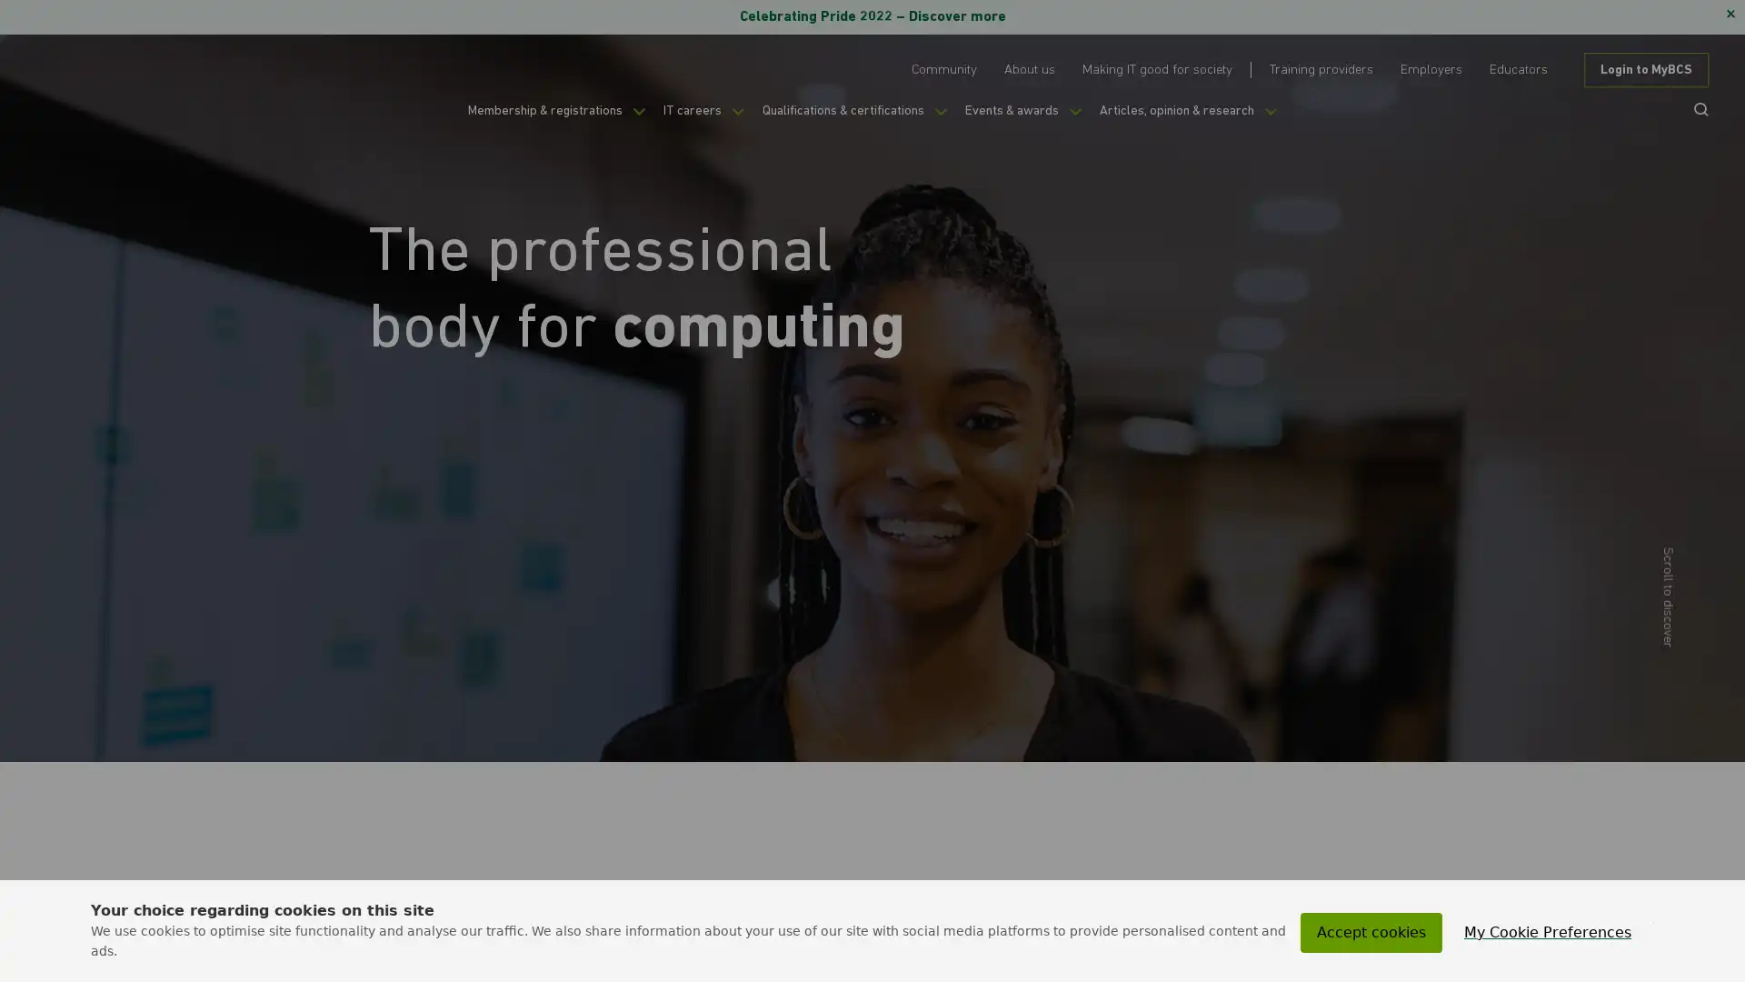  I want to click on Membership & registrations, so click(523, 120).